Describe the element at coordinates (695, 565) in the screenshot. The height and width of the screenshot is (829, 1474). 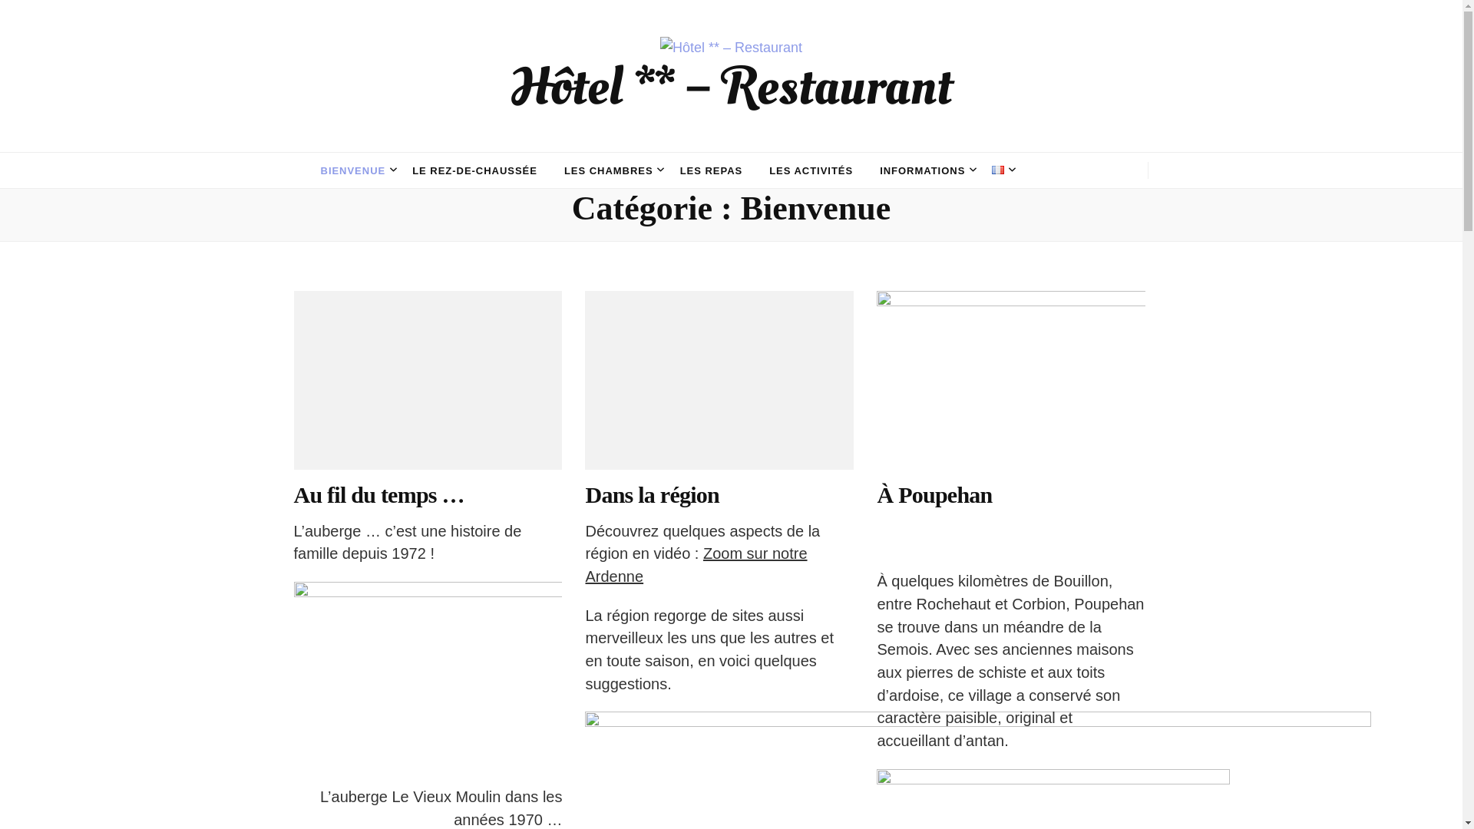
I see `'Zoom sur notre Ardenne'` at that location.